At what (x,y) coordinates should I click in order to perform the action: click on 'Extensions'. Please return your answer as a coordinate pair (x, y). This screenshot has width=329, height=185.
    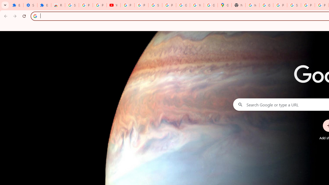
    Looking at the image, I should click on (44, 5).